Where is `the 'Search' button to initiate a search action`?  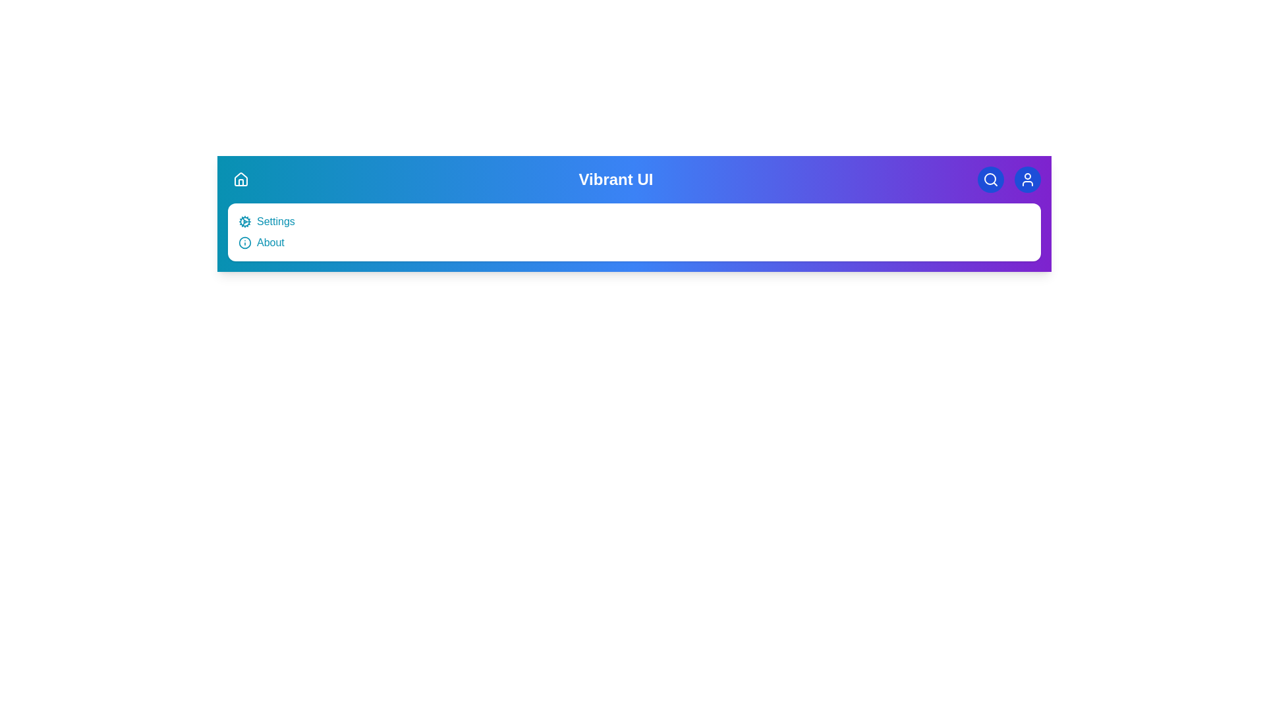 the 'Search' button to initiate a search action is located at coordinates (990, 180).